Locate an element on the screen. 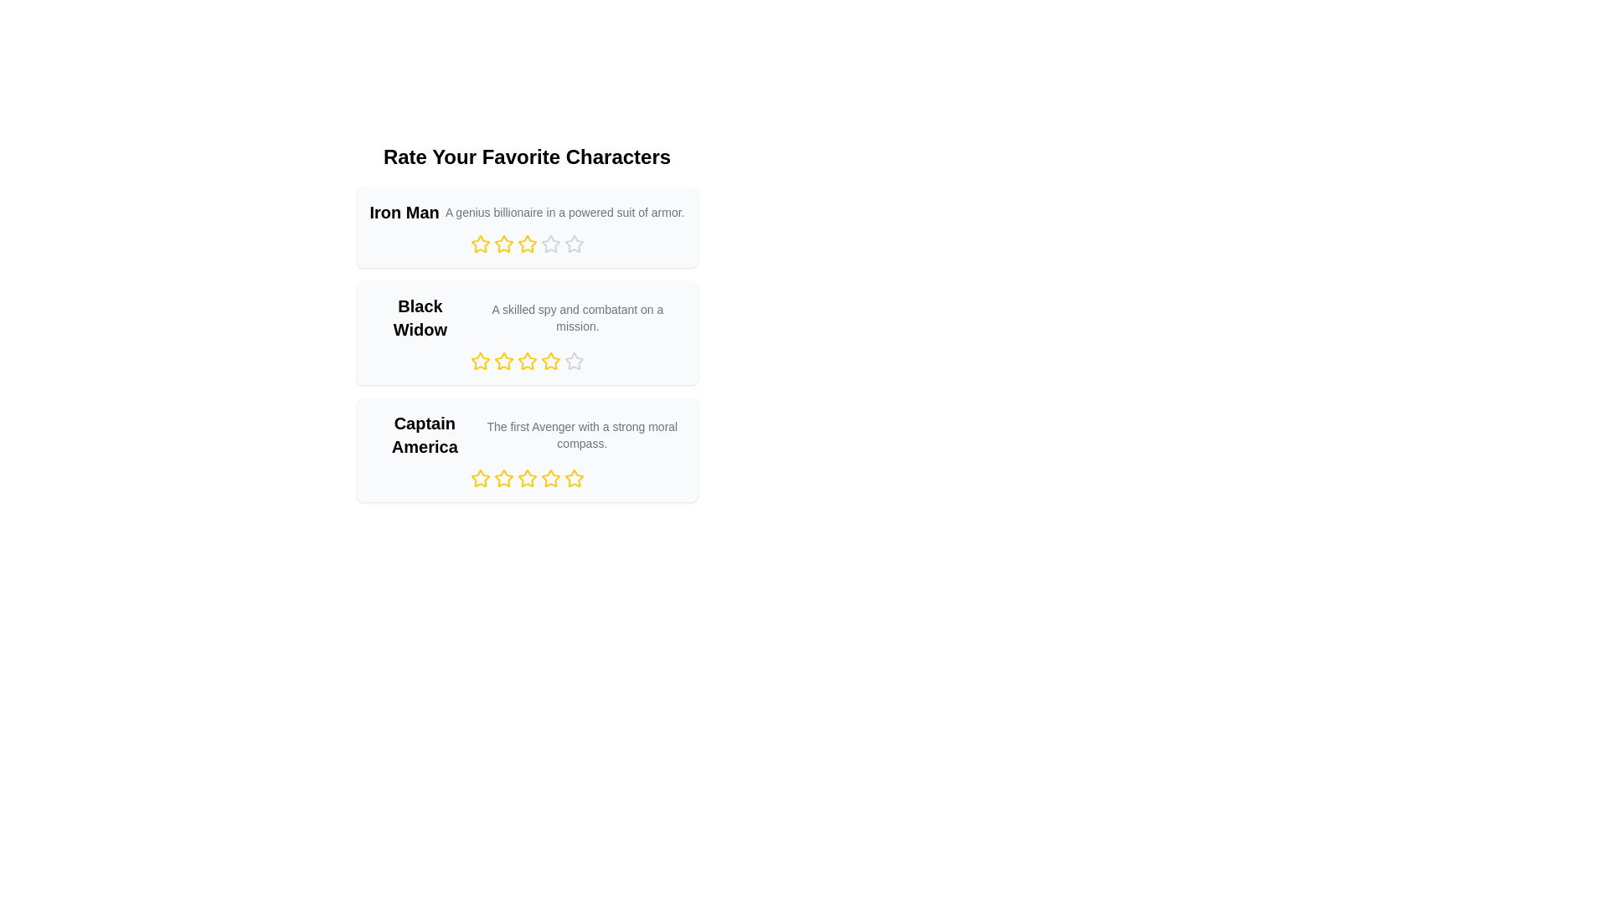 The height and width of the screenshot is (904, 1608). the bold and large-sized static text header displaying 'Rate Your Favorite Characters' located at the top of the interface is located at coordinates (526, 157).